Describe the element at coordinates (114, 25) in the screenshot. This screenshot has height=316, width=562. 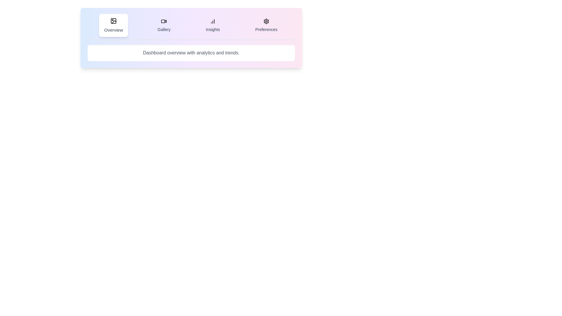
I see `the tab labeled 'Overview' to observe its hover effect` at that location.